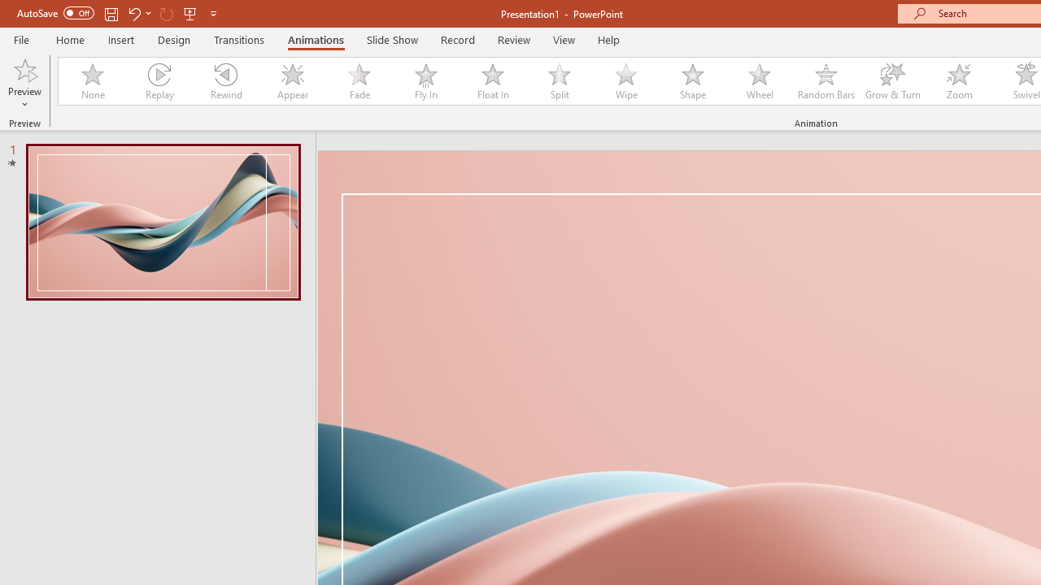 The width and height of the screenshot is (1041, 585). I want to click on 'None', so click(91, 81).